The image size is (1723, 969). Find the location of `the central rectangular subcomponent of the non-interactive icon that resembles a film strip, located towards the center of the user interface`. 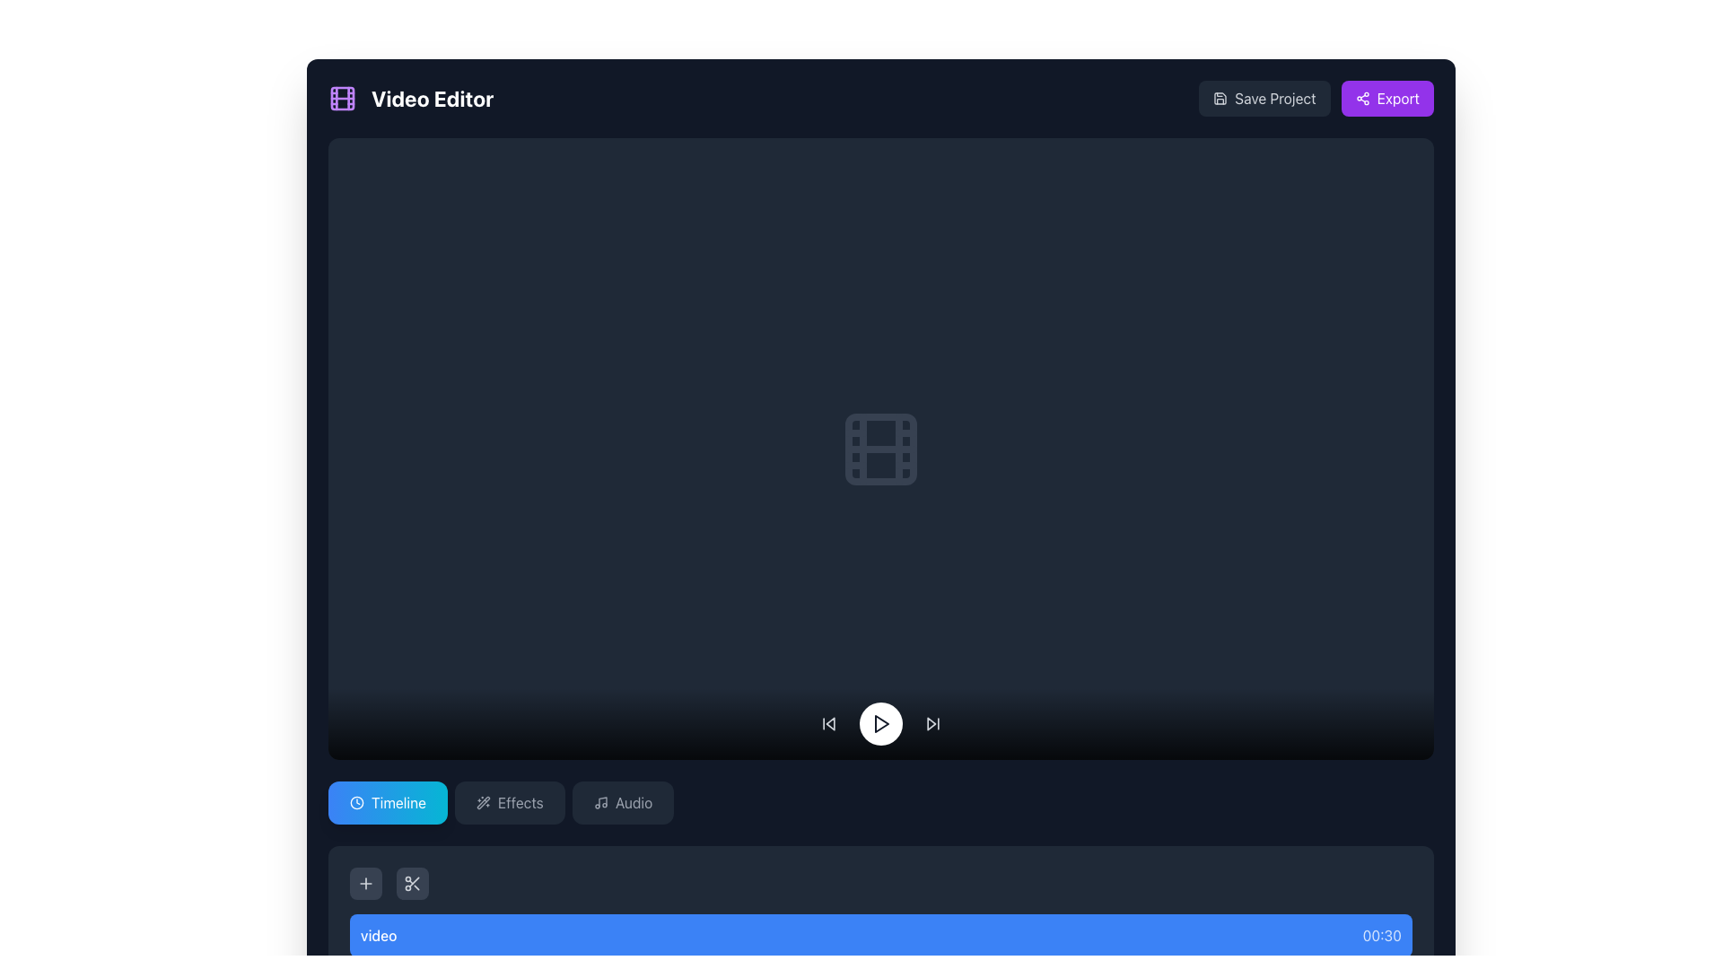

the central rectangular subcomponent of the non-interactive icon that resembles a film strip, located towards the center of the user interface is located at coordinates (881, 448).